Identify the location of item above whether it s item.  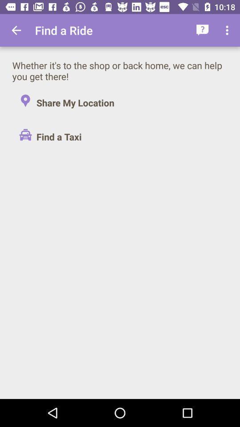
(16, 30).